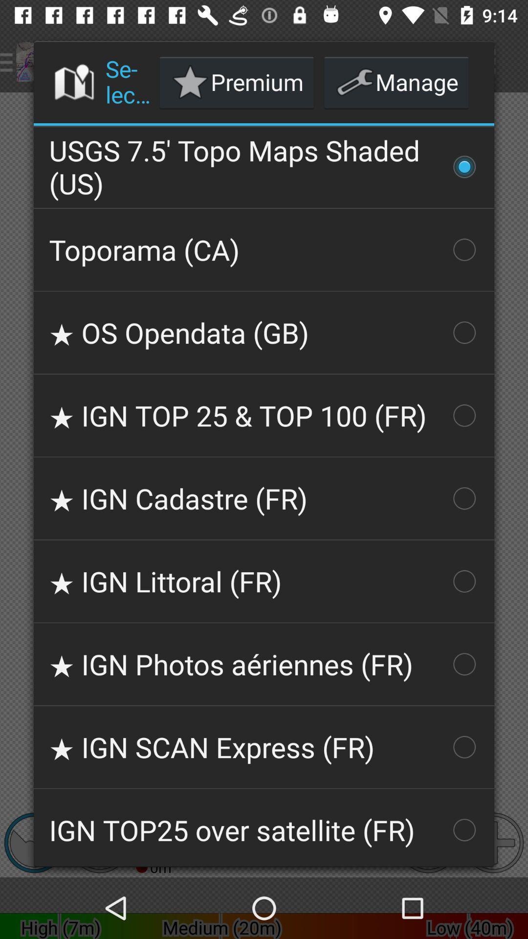  Describe the element at coordinates (237, 82) in the screenshot. I see `icon next to the select a map` at that location.